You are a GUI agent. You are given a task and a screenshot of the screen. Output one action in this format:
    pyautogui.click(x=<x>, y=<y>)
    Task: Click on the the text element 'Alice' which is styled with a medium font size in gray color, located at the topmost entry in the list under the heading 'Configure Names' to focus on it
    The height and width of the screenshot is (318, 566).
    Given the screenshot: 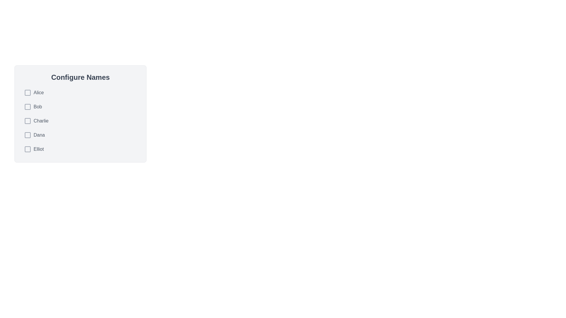 What is the action you would take?
    pyautogui.click(x=38, y=93)
    